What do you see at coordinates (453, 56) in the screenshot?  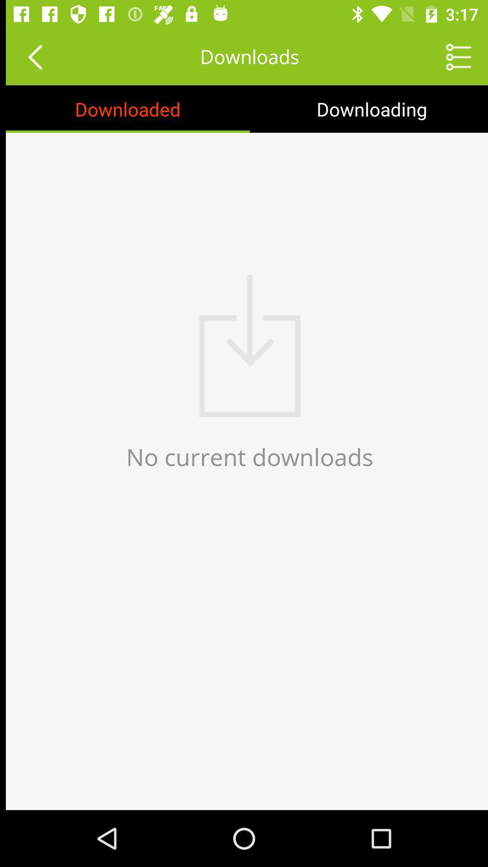 I see `settings` at bounding box center [453, 56].